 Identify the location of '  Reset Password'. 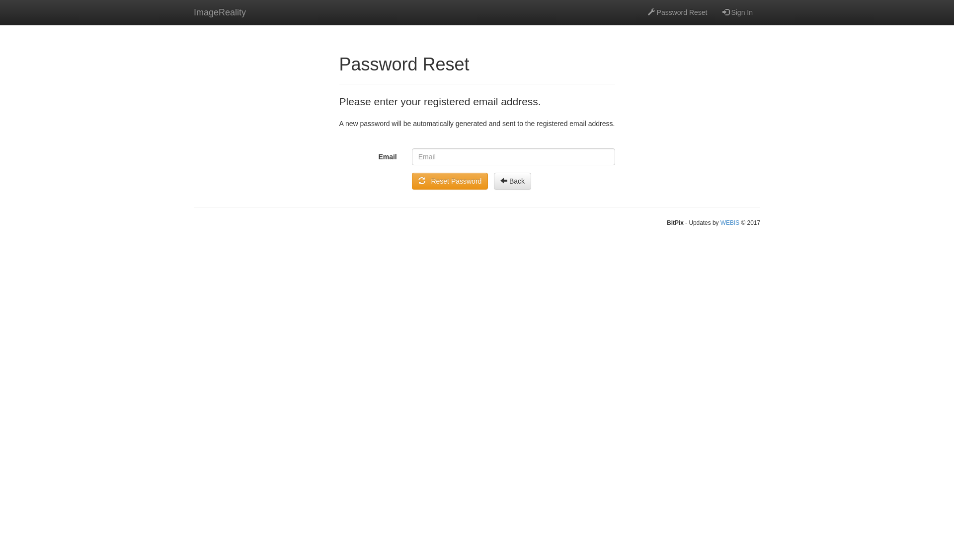
(450, 181).